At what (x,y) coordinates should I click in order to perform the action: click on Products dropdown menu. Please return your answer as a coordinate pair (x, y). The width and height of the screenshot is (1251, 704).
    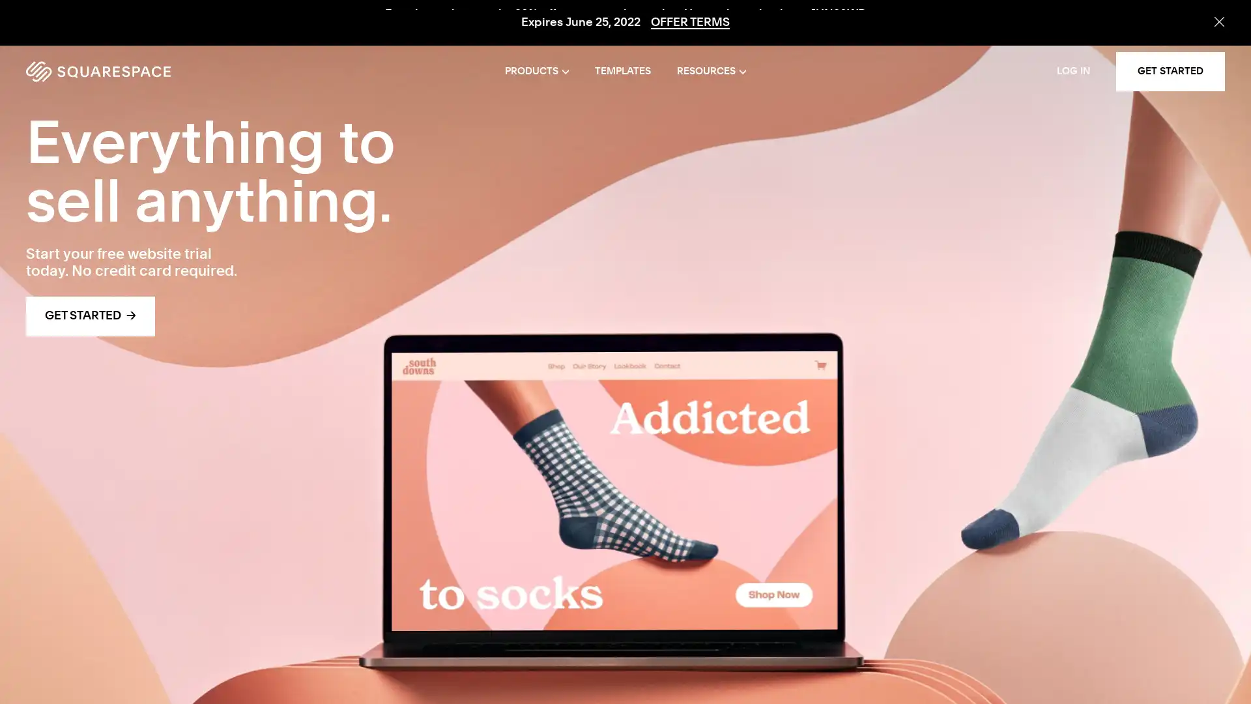
    Looking at the image, I should click on (537, 72).